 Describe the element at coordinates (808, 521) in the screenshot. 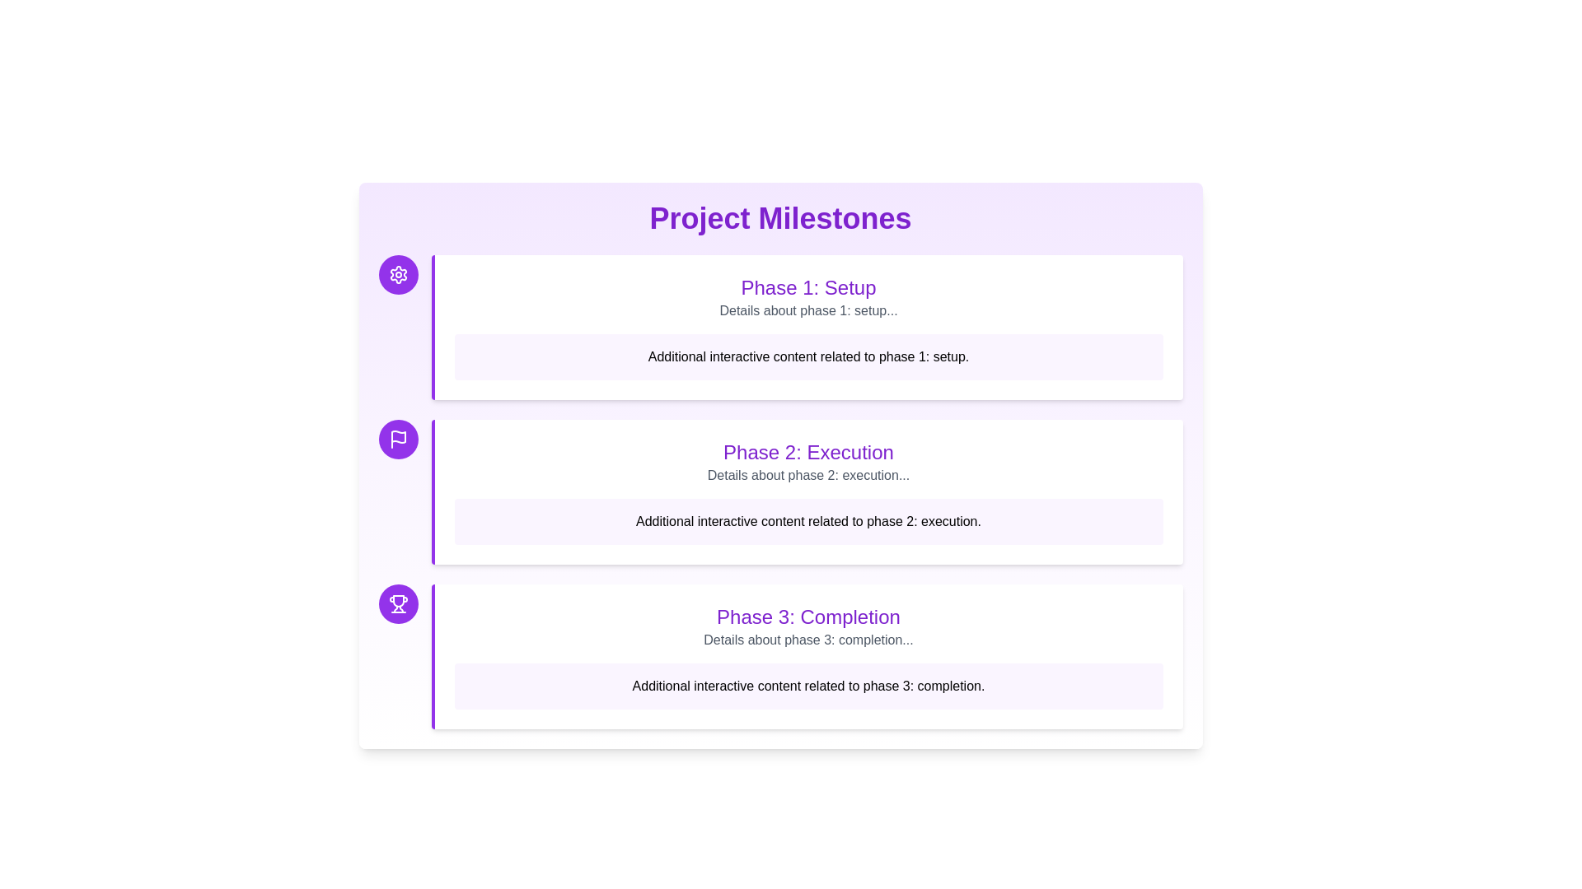

I see `the rectangular text box with a light purple background containing the text 'Additional interactive content related to phase 2: execution.'` at that location.